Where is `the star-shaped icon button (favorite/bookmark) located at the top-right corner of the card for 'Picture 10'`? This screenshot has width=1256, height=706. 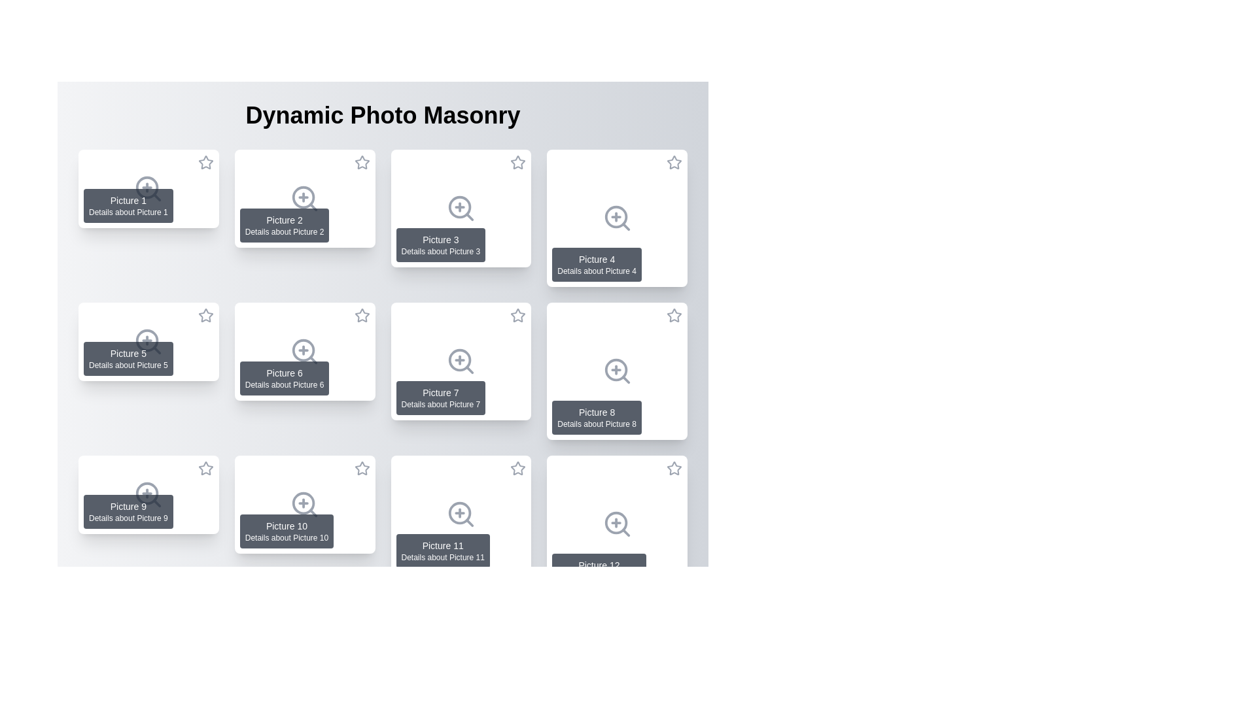
the star-shaped icon button (favorite/bookmark) located at the top-right corner of the card for 'Picture 10' is located at coordinates (362, 471).